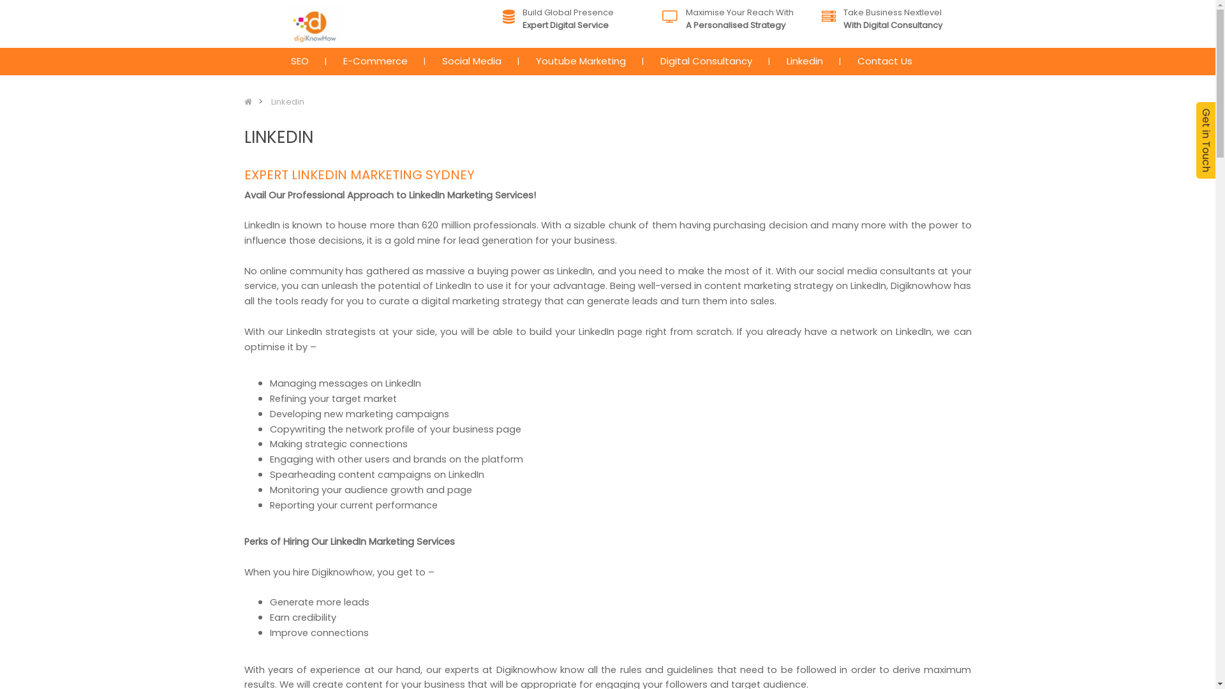 This screenshot has width=1225, height=689. I want to click on 'Youtube Marketing', so click(579, 61).